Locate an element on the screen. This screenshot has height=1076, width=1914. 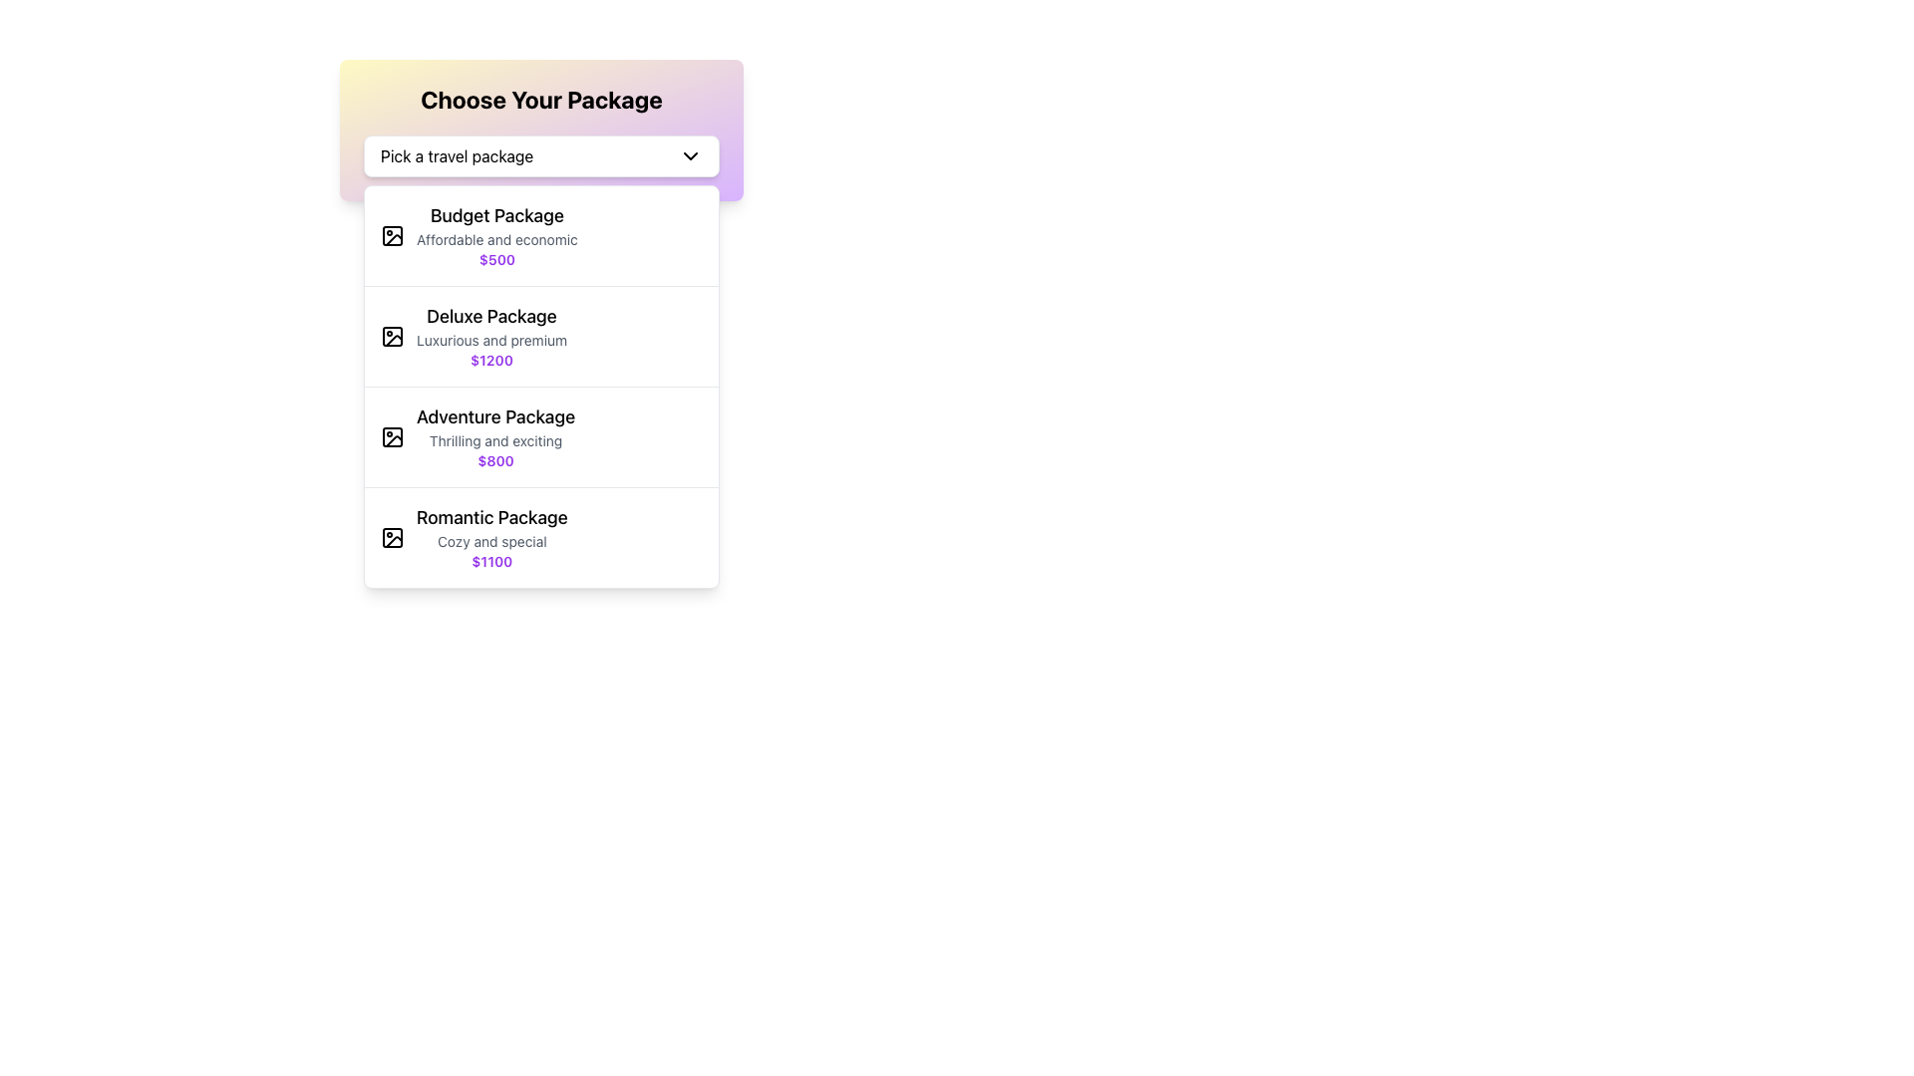
the dropdown menu located in the 'Choose Your Package' section is located at coordinates (541, 155).